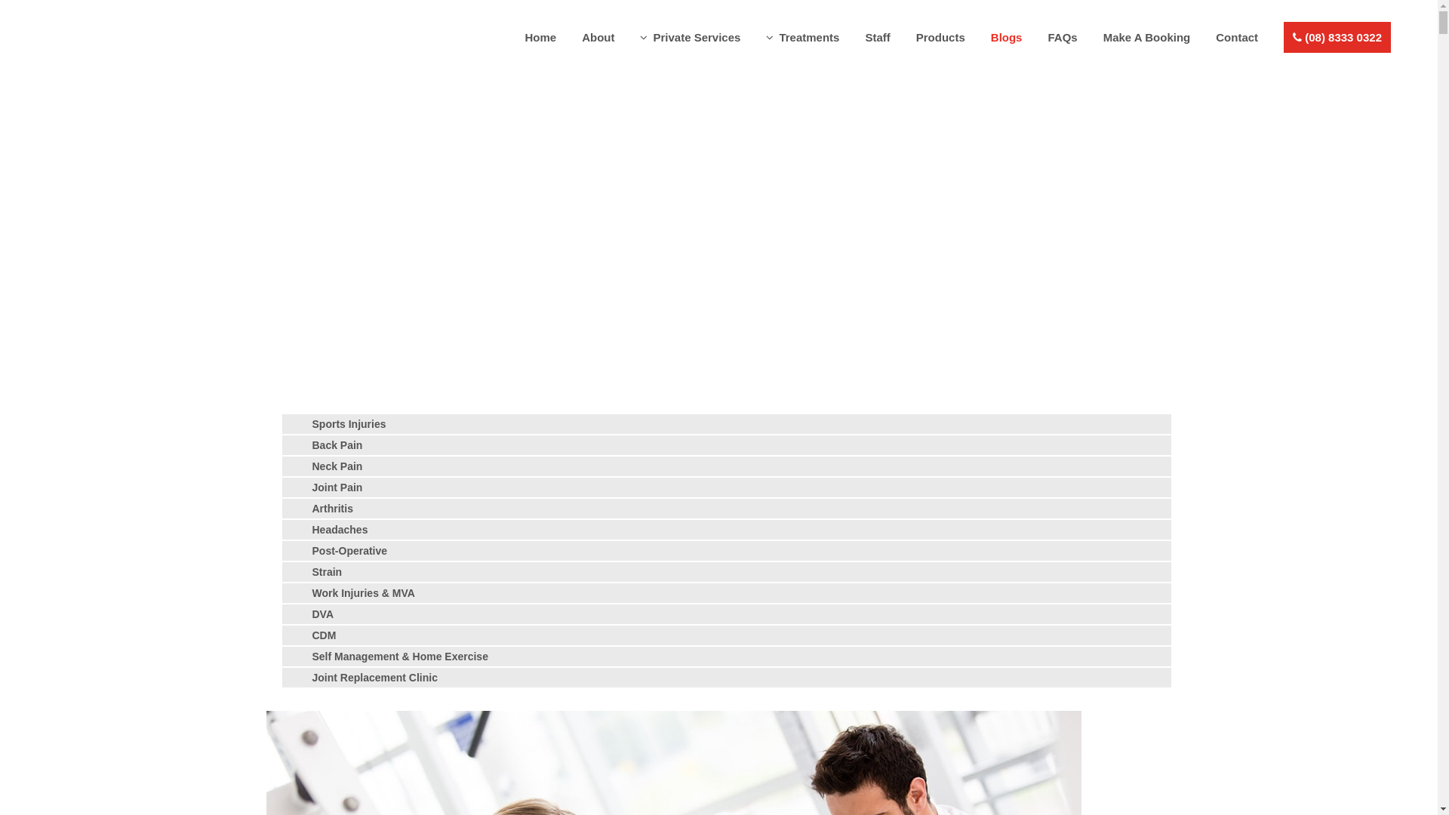 The width and height of the screenshot is (1449, 815). I want to click on 'Arthritis', so click(332, 509).